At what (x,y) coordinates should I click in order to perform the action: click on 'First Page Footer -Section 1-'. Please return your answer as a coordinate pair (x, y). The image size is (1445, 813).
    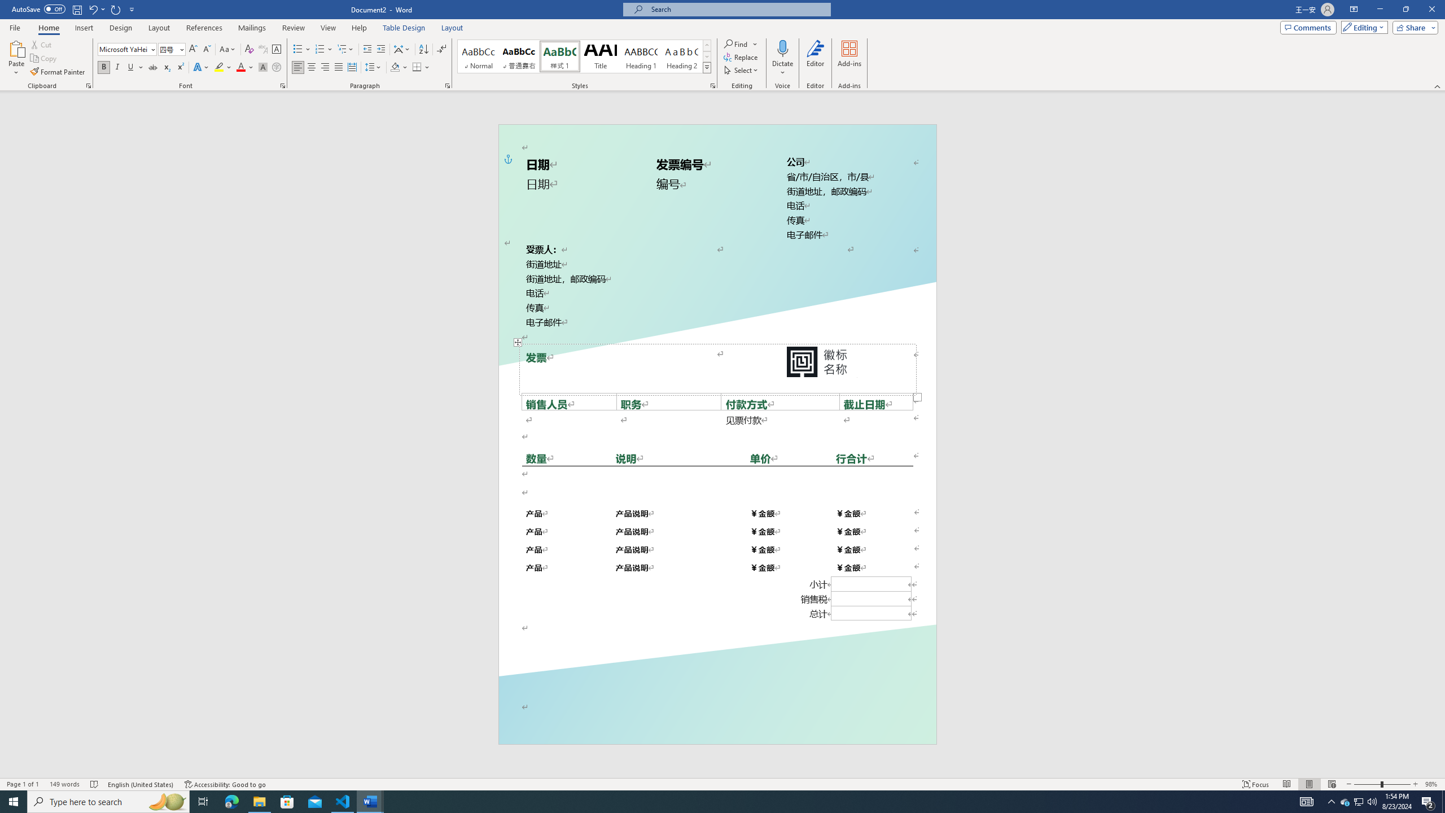
    Looking at the image, I should click on (717, 718).